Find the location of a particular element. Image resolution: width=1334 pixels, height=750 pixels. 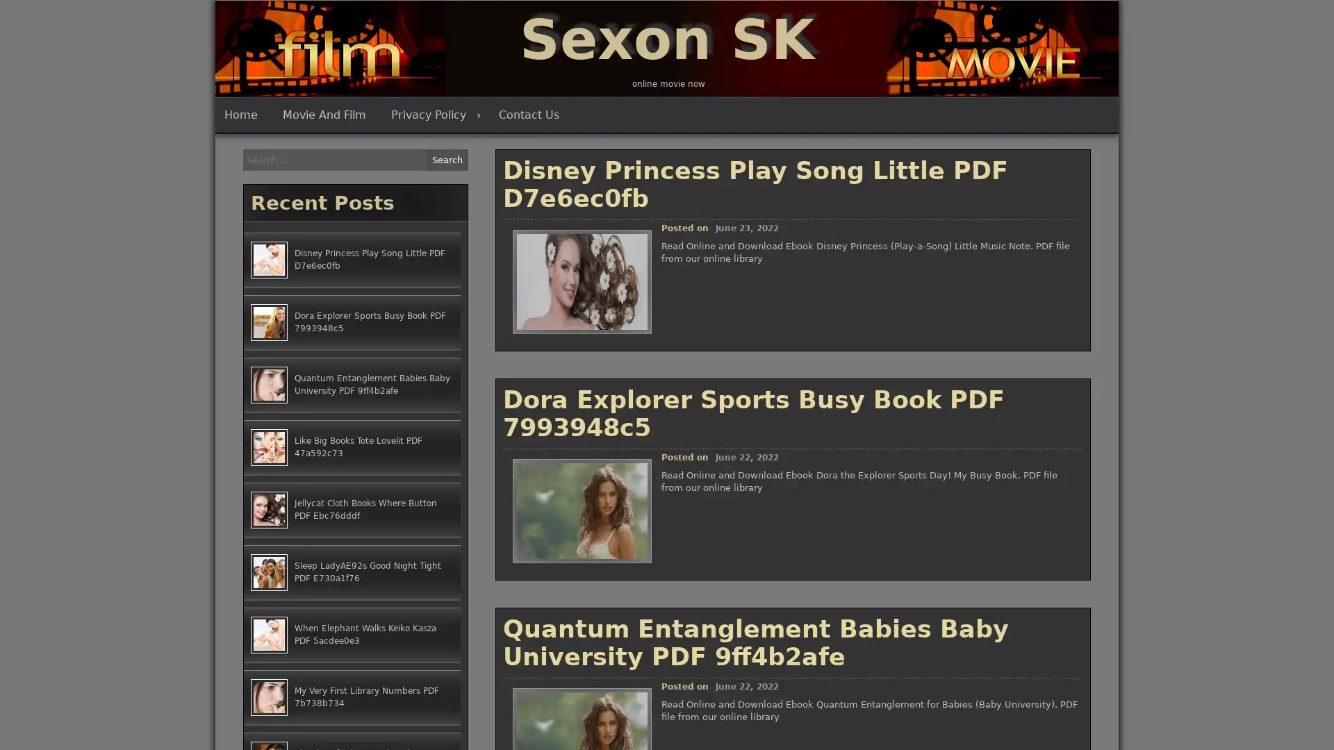

Search is located at coordinates (447, 159).